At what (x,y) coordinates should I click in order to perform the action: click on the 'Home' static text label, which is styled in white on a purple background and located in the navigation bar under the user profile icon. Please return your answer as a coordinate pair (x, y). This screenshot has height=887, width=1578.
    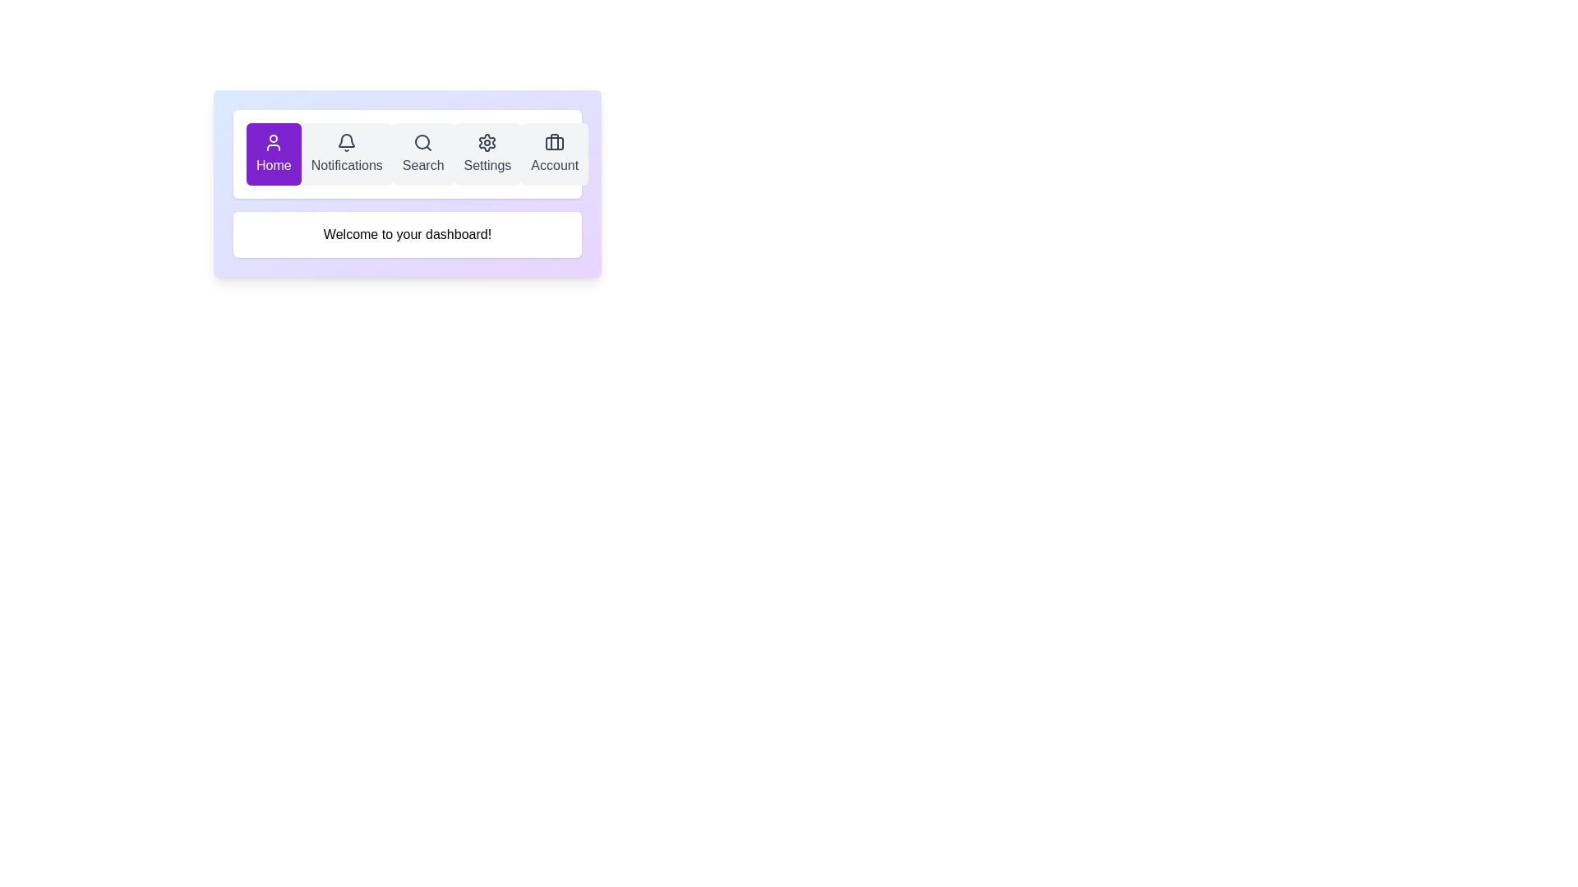
    Looking at the image, I should click on (274, 165).